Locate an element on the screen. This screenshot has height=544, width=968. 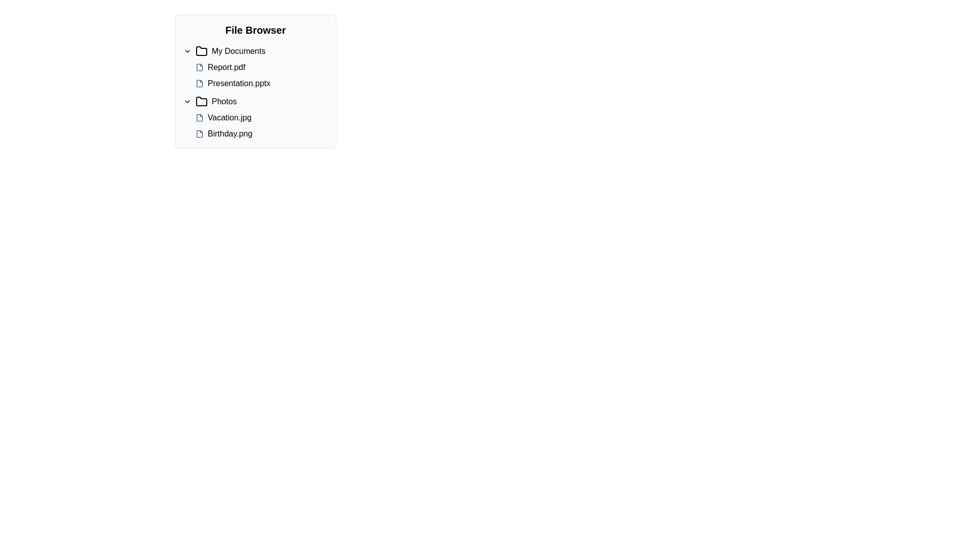
the first Expandable folder item in the 'File Browser' section is located at coordinates (256, 51).